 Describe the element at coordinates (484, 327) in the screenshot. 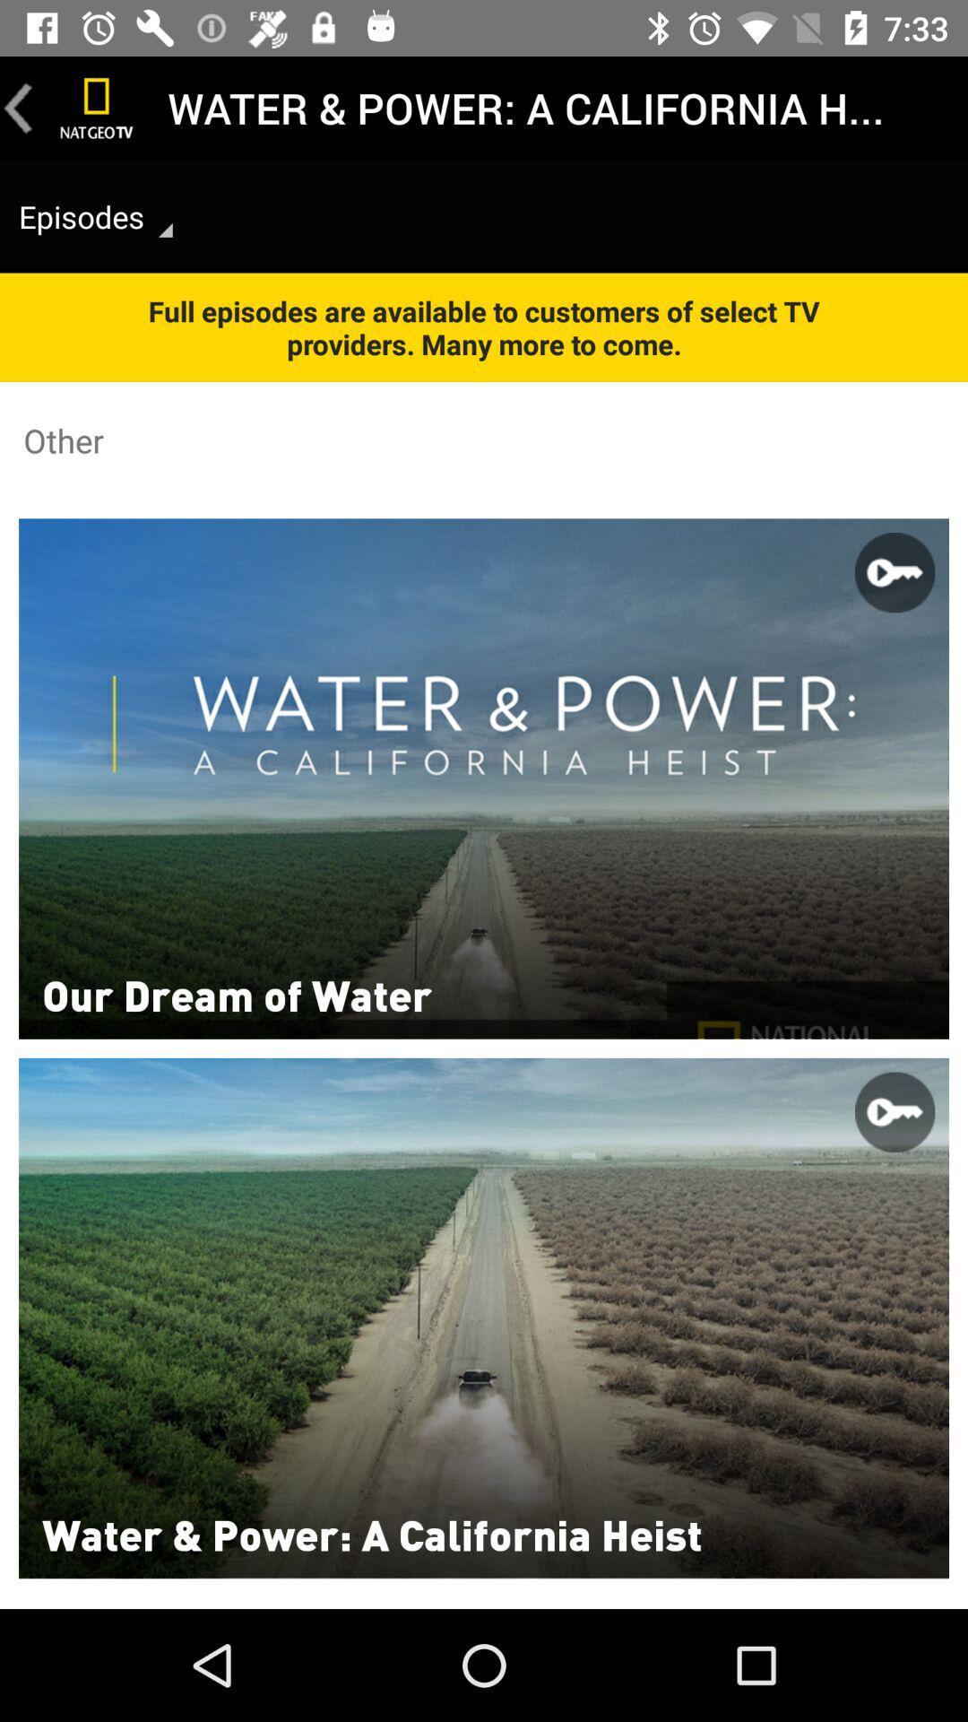

I see `full episodes are icon` at that location.